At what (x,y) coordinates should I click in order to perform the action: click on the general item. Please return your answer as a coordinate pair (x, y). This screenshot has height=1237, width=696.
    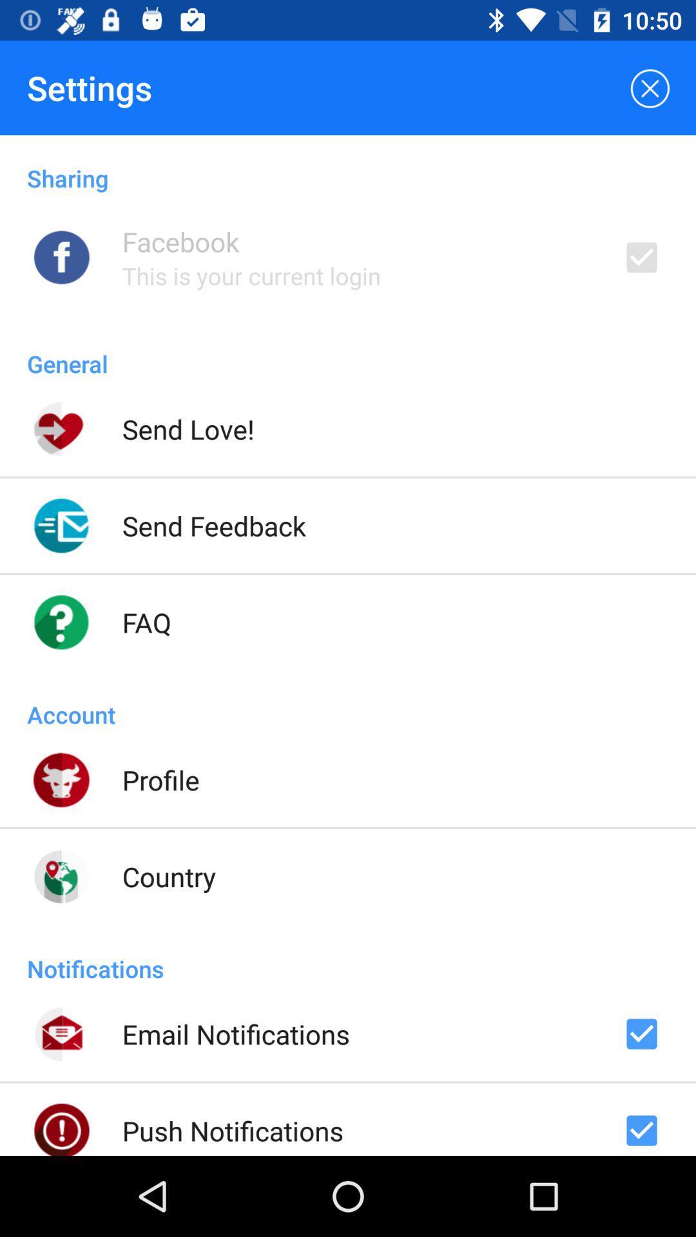
    Looking at the image, I should click on (348, 350).